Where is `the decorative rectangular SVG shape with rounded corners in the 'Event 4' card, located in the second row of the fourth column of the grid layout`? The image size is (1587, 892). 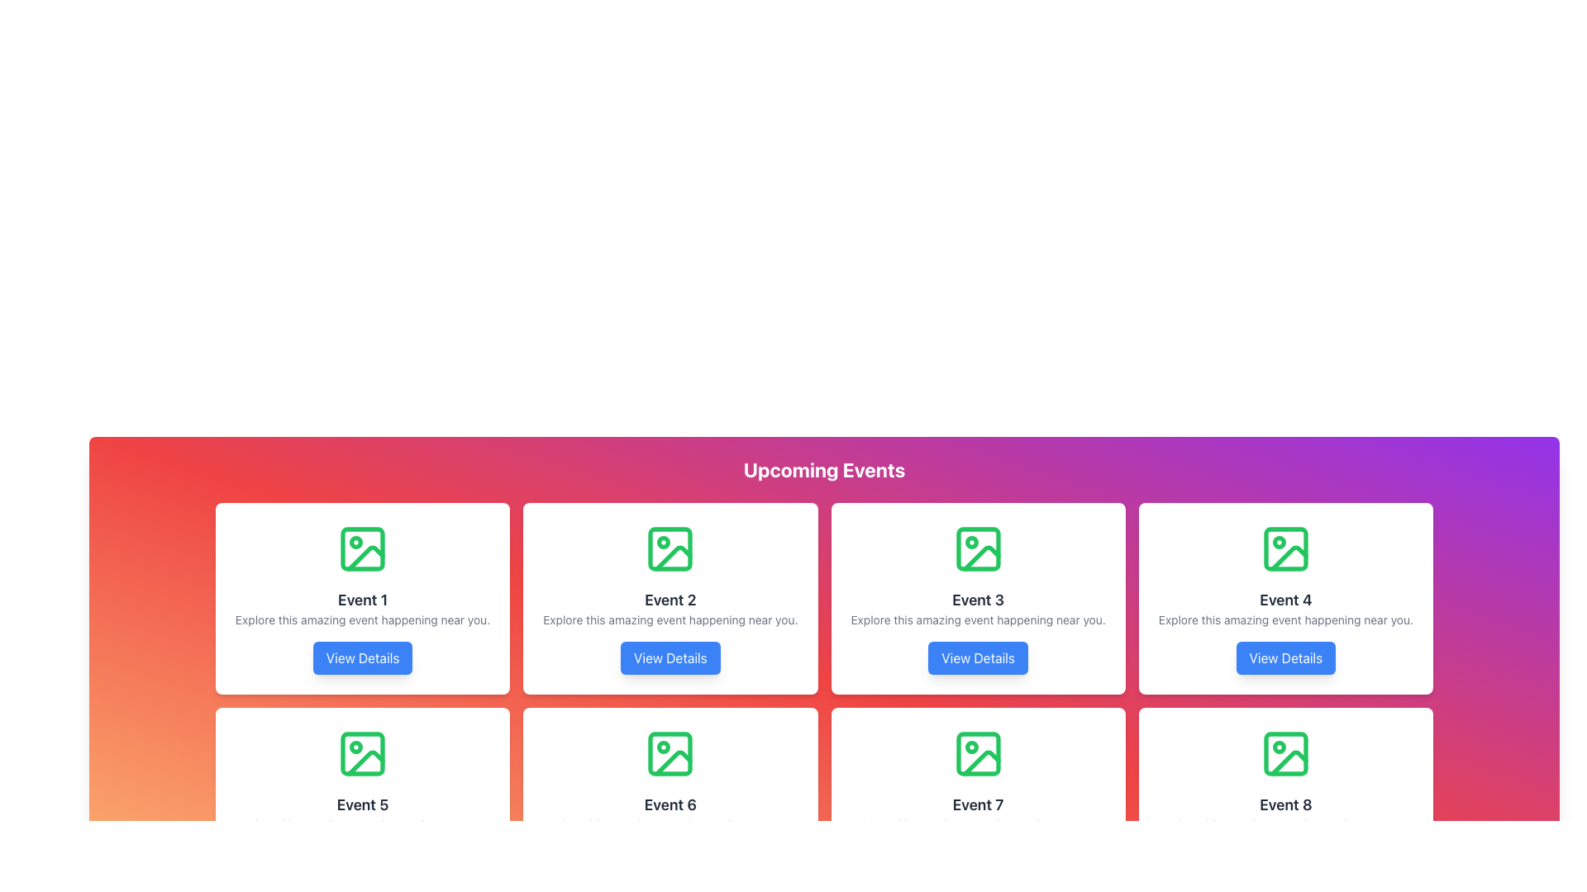
the decorative rectangular SVG shape with rounded corners in the 'Event 4' card, located in the second row of the fourth column of the grid layout is located at coordinates (1284, 548).